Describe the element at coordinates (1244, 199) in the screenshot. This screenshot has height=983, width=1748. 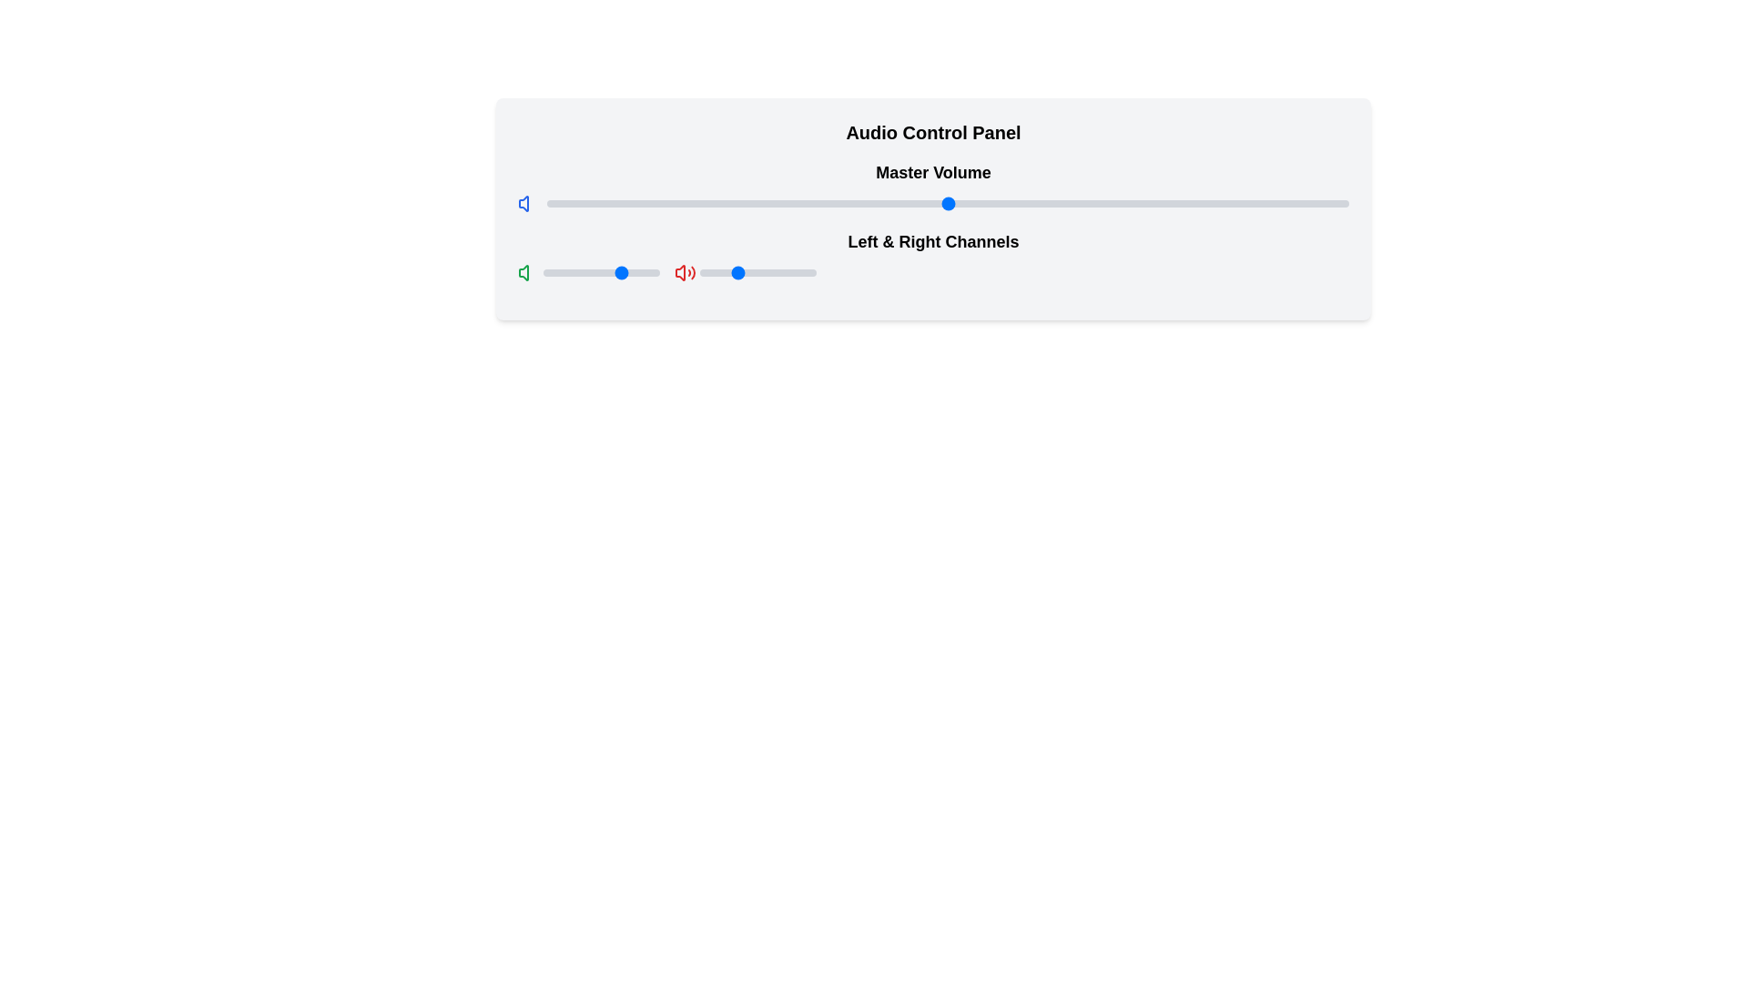
I see `the volume slider` at that location.